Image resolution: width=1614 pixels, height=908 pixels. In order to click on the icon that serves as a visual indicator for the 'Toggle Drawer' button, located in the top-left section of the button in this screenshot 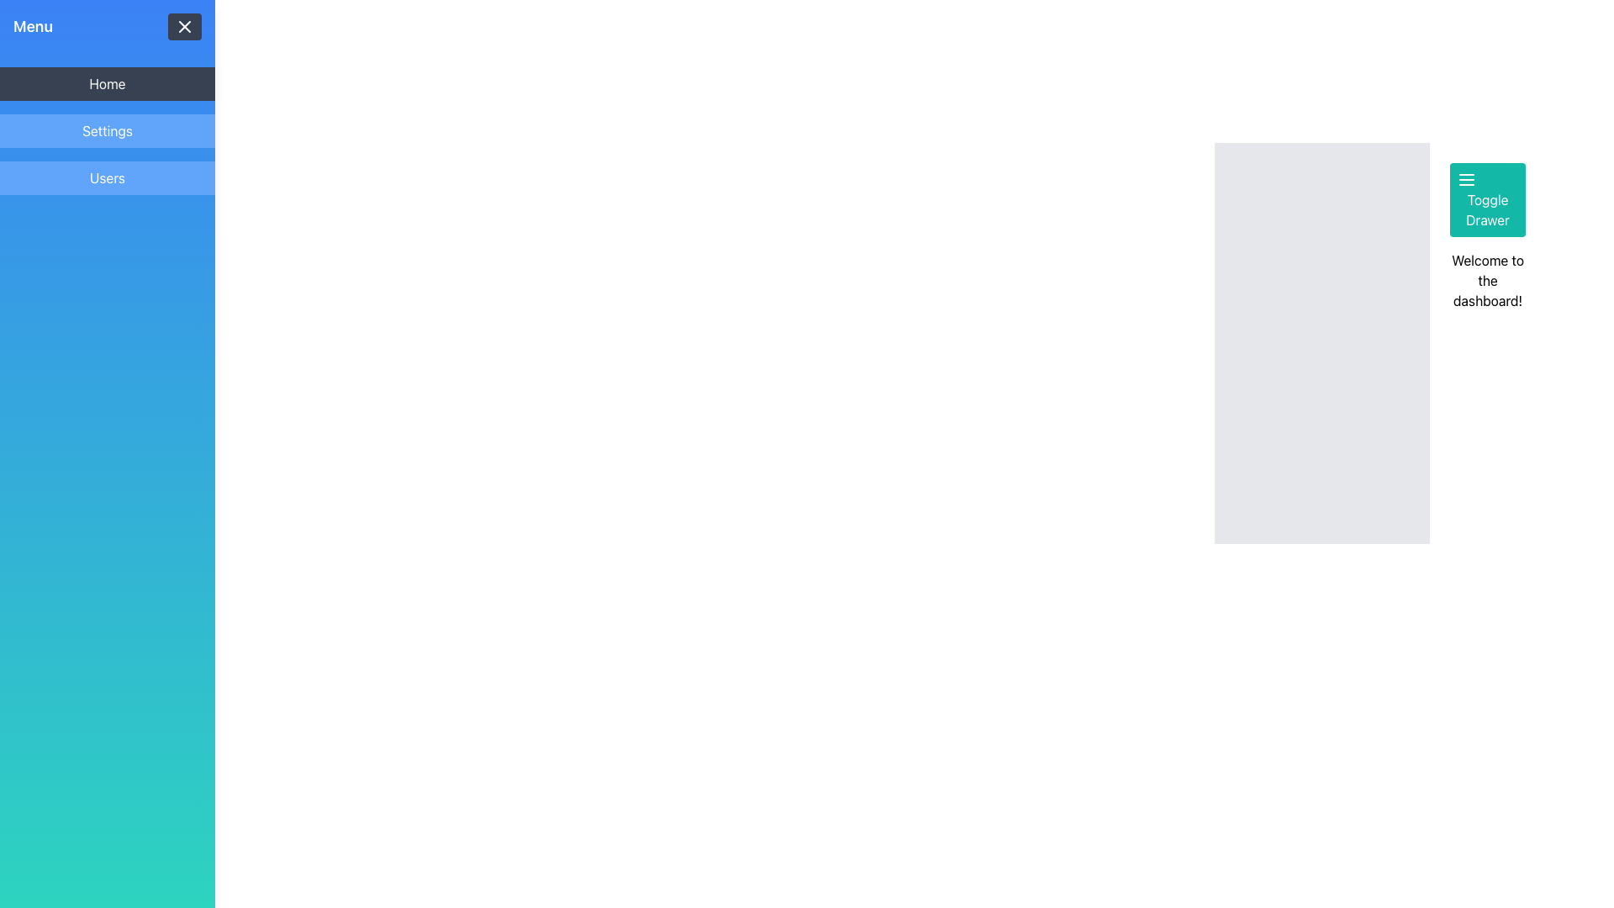, I will do `click(1466, 179)`.